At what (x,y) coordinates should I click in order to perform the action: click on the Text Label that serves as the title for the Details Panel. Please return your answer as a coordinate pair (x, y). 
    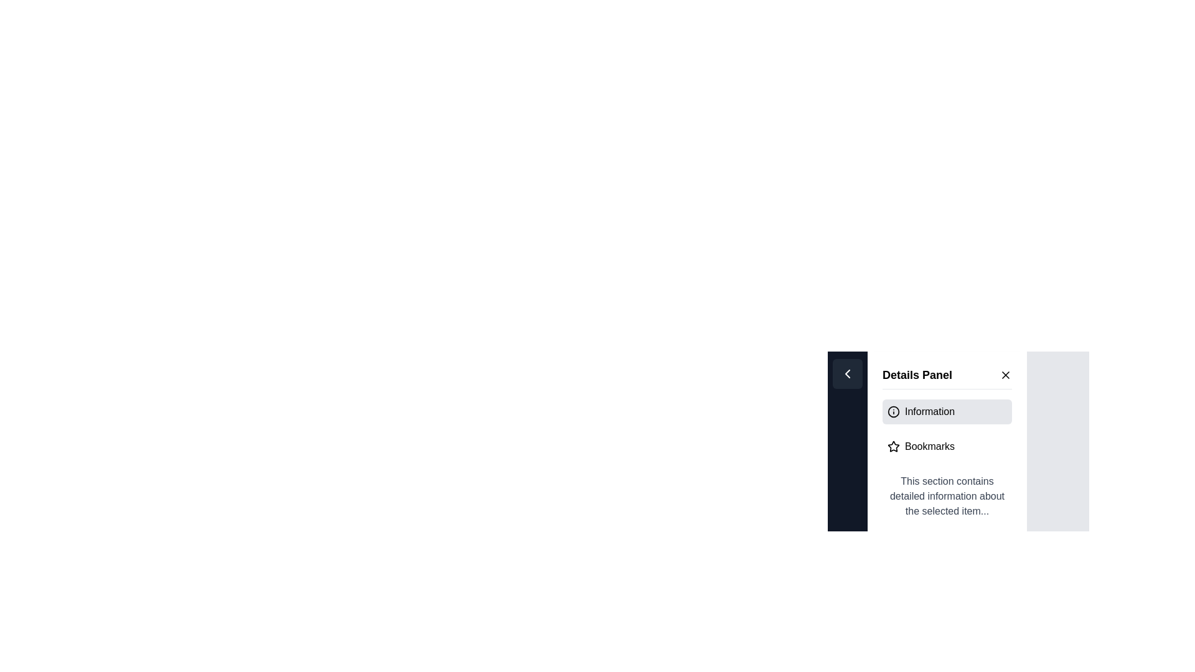
    Looking at the image, I should click on (917, 374).